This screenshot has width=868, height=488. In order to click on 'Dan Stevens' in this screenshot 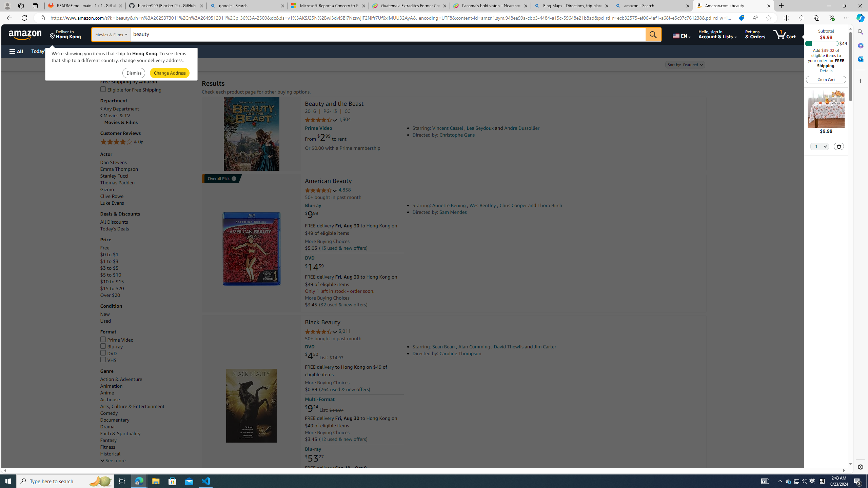, I will do `click(113, 162)`.